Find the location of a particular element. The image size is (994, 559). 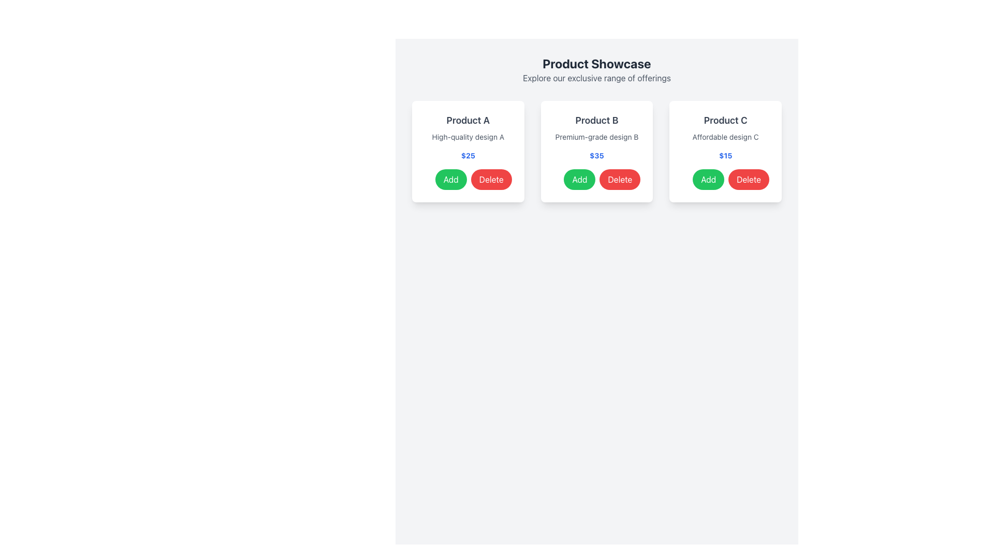

the text label identifying the product as 'Product C' which is located at the top of the product card is located at coordinates (725, 120).